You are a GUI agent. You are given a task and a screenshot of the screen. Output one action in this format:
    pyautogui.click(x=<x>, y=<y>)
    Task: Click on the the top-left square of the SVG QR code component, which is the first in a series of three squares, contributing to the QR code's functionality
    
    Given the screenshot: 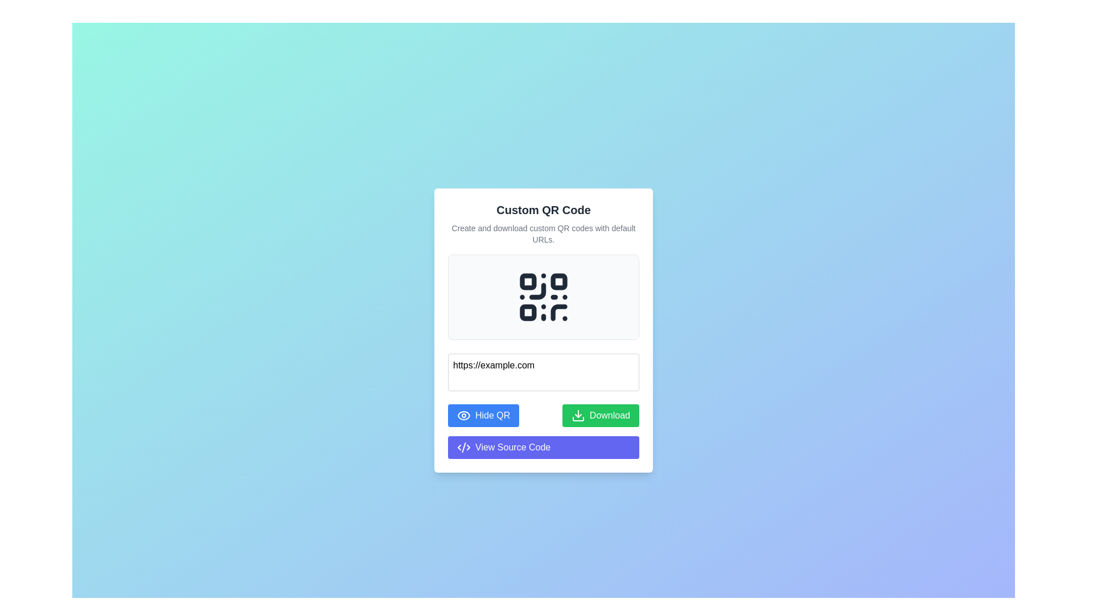 What is the action you would take?
    pyautogui.click(x=527, y=281)
    